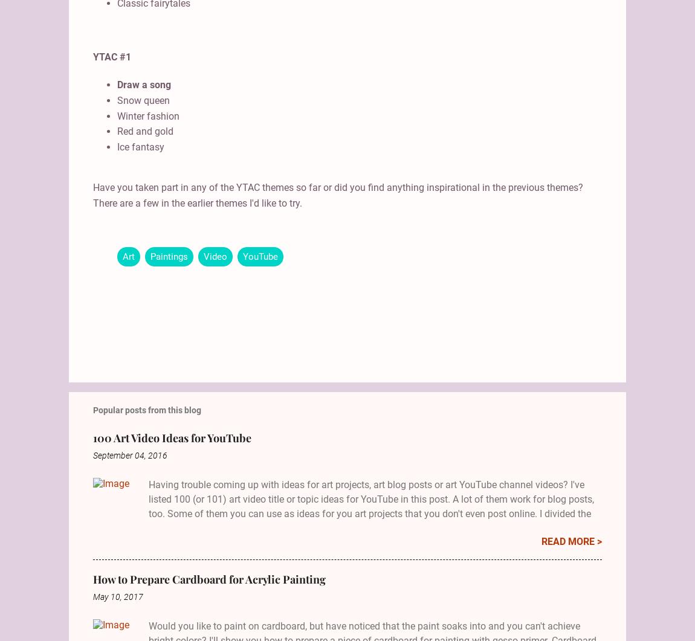 This screenshot has width=695, height=641. I want to click on 'Winter fashion', so click(147, 115).